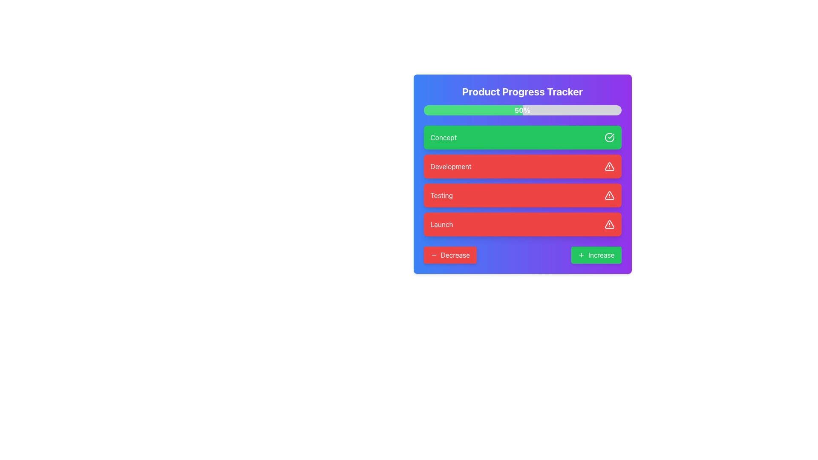 The width and height of the screenshot is (818, 460). Describe the element at coordinates (472, 109) in the screenshot. I see `the leftmost segment of the progress bar that visually indicates a 50% completion level, located at the top center area of the layout` at that location.